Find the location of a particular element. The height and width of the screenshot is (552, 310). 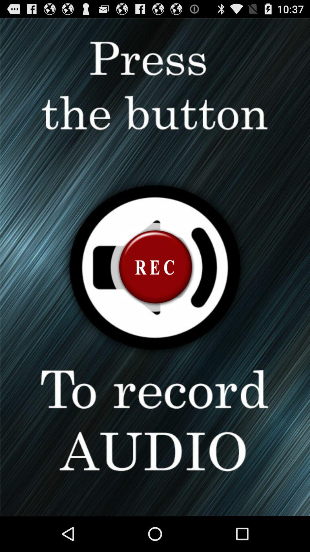

start recording is located at coordinates (155, 267).